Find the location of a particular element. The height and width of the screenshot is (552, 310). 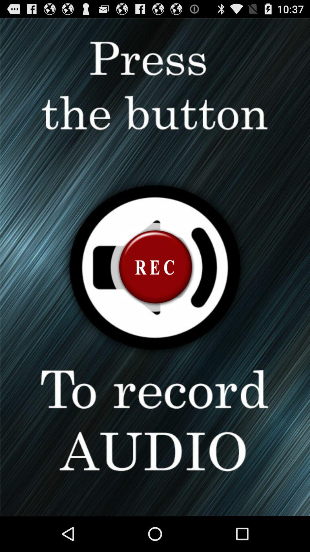

start recording is located at coordinates (155, 267).